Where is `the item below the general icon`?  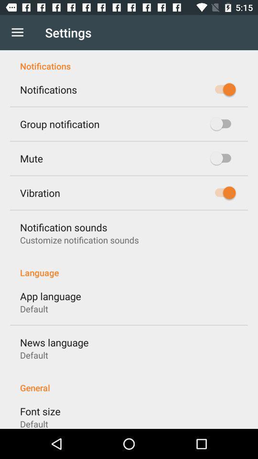
the item below the general icon is located at coordinates (40, 411).